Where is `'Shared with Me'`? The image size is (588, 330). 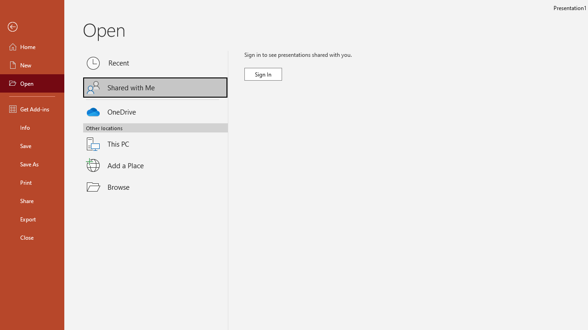 'Shared with Me' is located at coordinates (155, 88).